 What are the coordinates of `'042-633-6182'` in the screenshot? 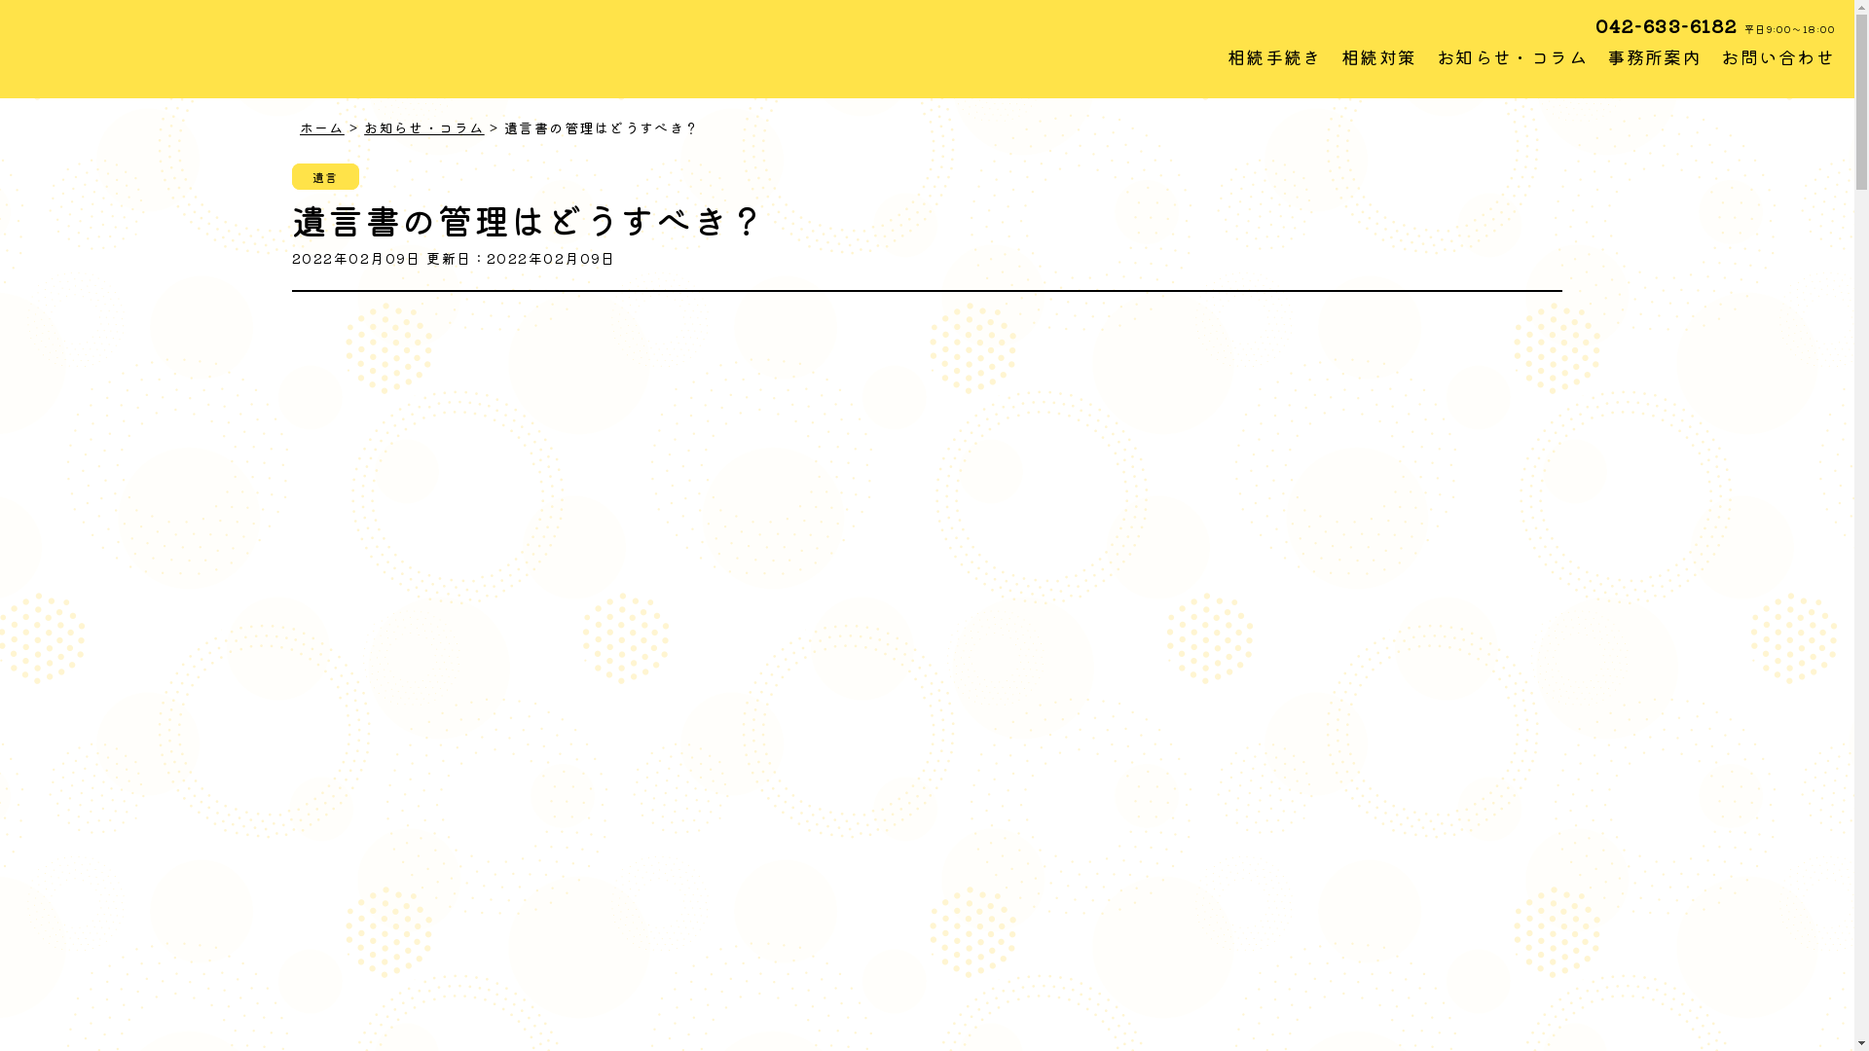 It's located at (1666, 25).